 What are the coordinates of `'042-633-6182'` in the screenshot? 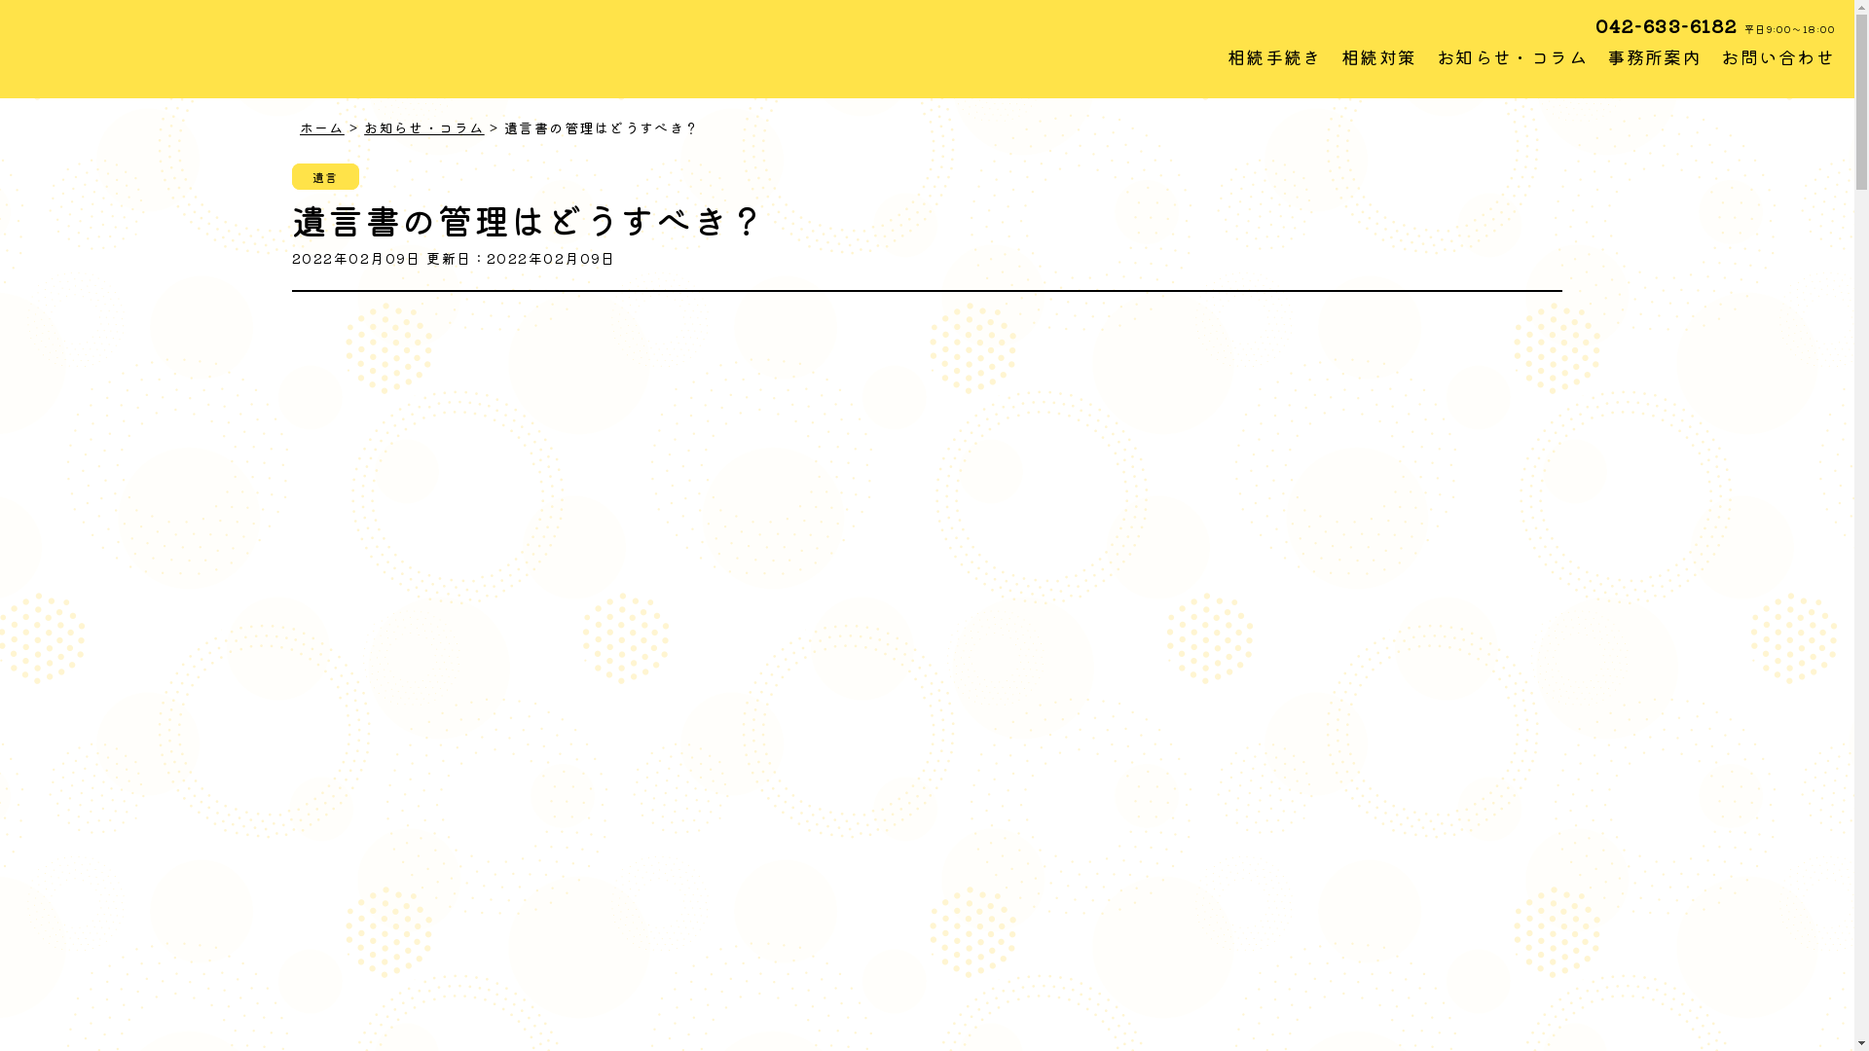 It's located at (1666, 25).